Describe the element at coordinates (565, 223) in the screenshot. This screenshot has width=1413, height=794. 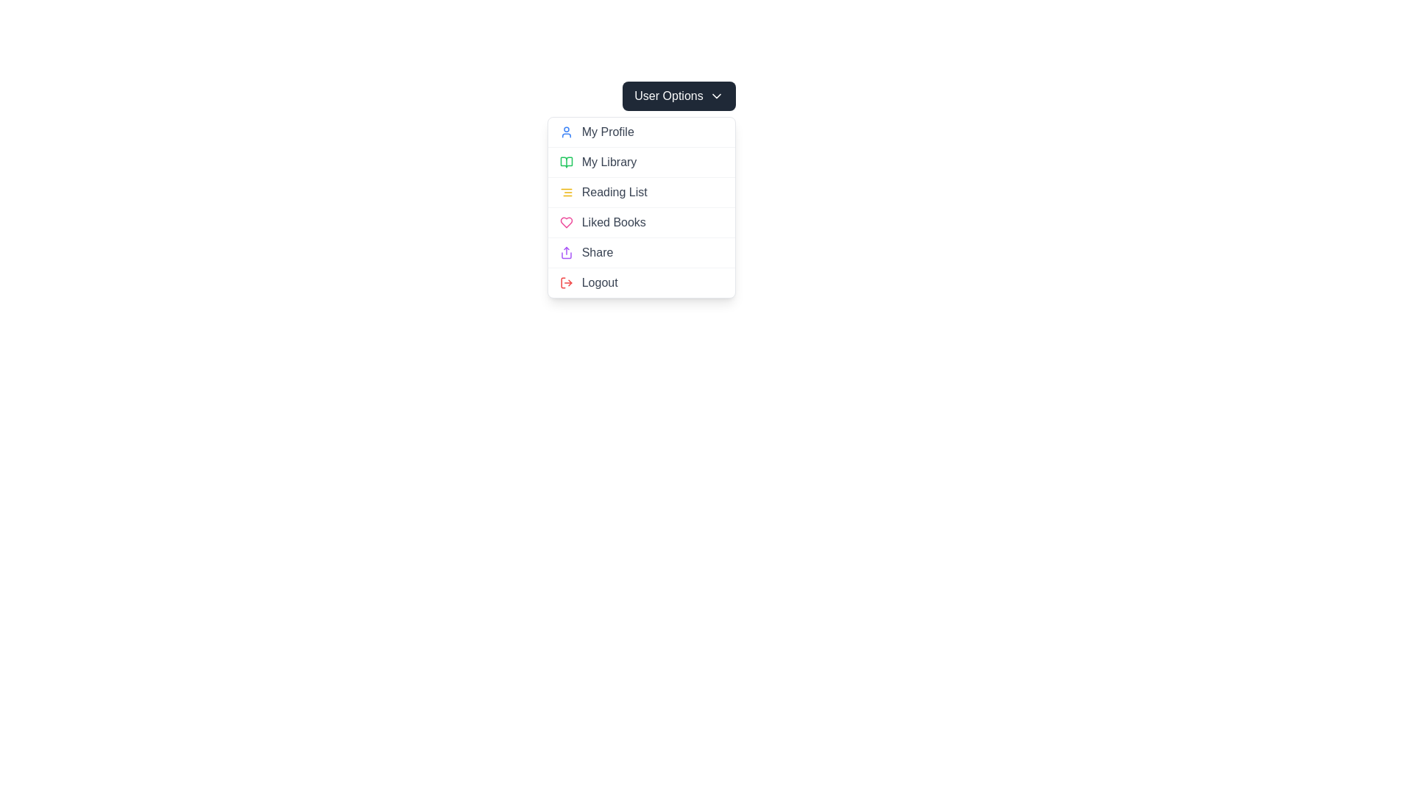
I see `the heart-shaped icon that indicates the 'Liked Books' feature within the dropdown menu under the 'User Options' button` at that location.